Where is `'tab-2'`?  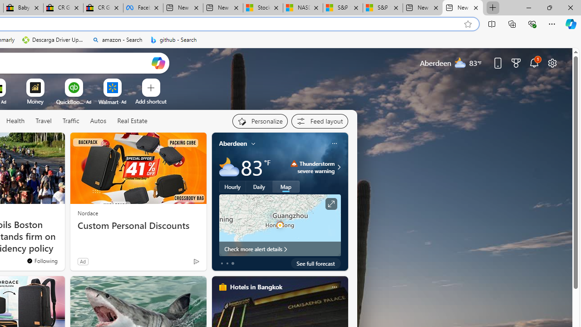 'tab-2' is located at coordinates (232, 263).